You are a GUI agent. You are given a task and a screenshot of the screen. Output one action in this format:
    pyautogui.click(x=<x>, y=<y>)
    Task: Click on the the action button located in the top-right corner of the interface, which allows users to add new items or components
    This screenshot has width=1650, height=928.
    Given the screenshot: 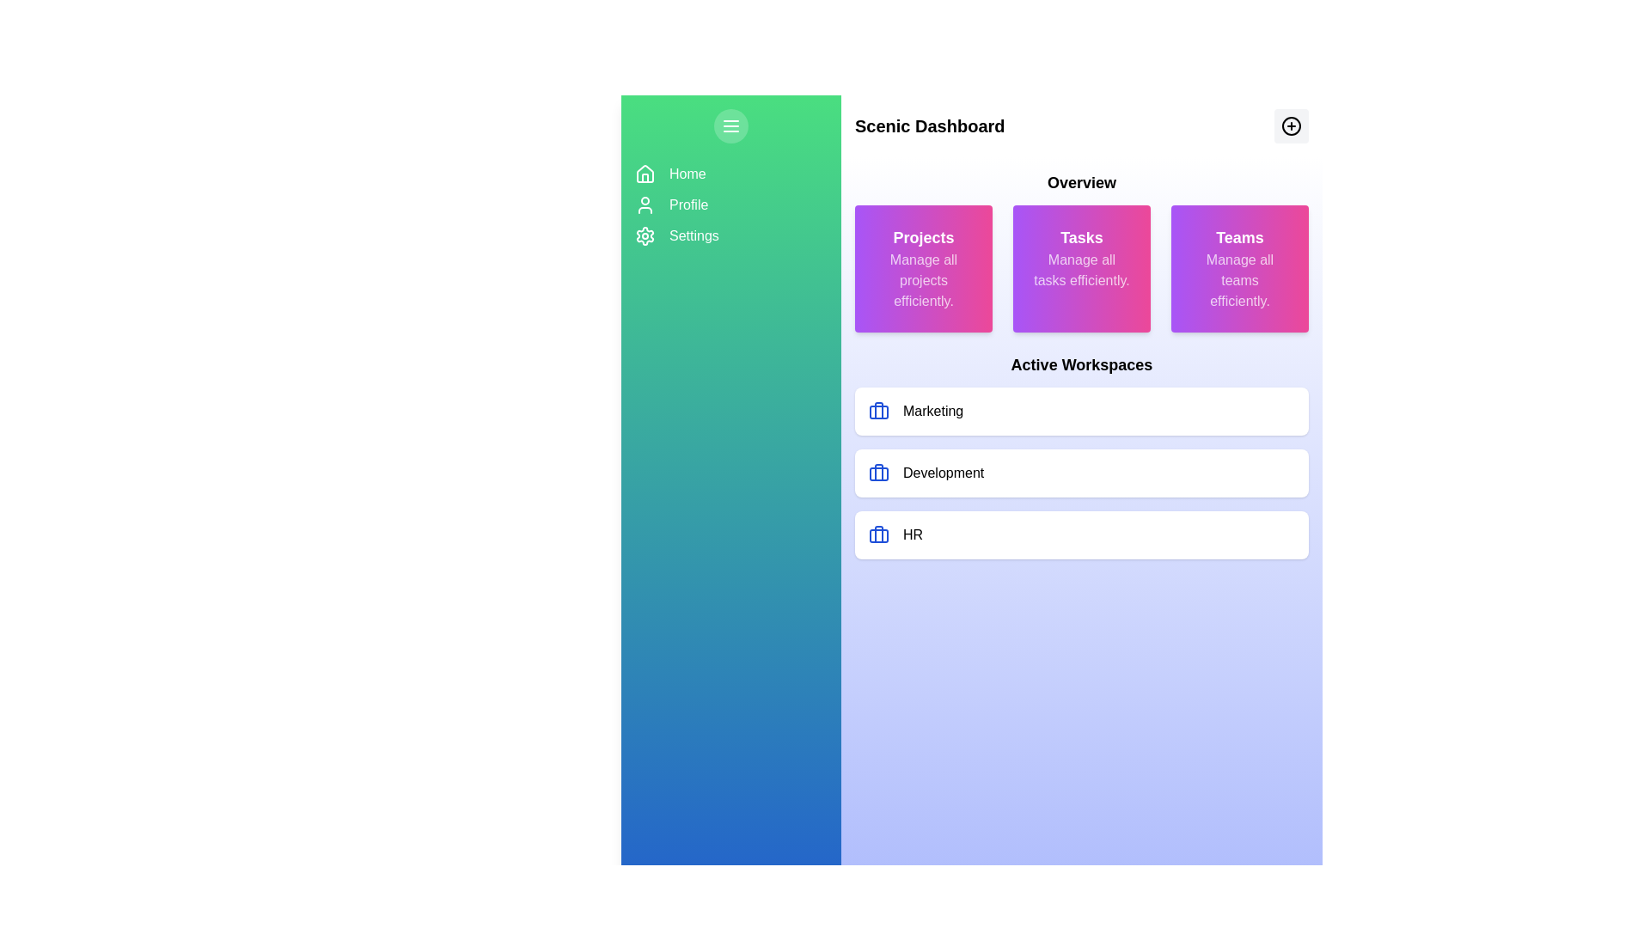 What is the action you would take?
    pyautogui.click(x=1291, y=125)
    